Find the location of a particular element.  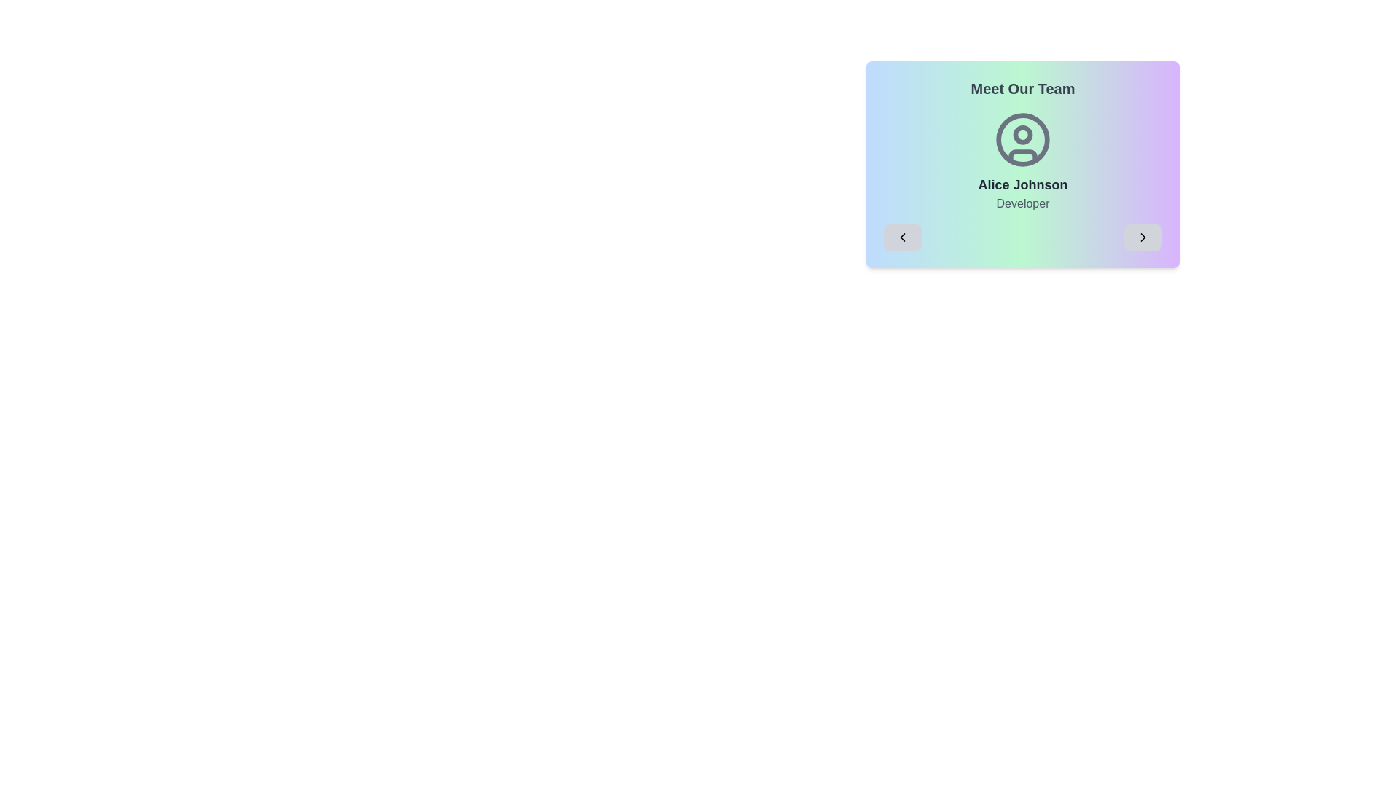

the text label displaying 'Developer' in gray font, which is located directly below 'Alice Johnson' is located at coordinates (1022, 204).